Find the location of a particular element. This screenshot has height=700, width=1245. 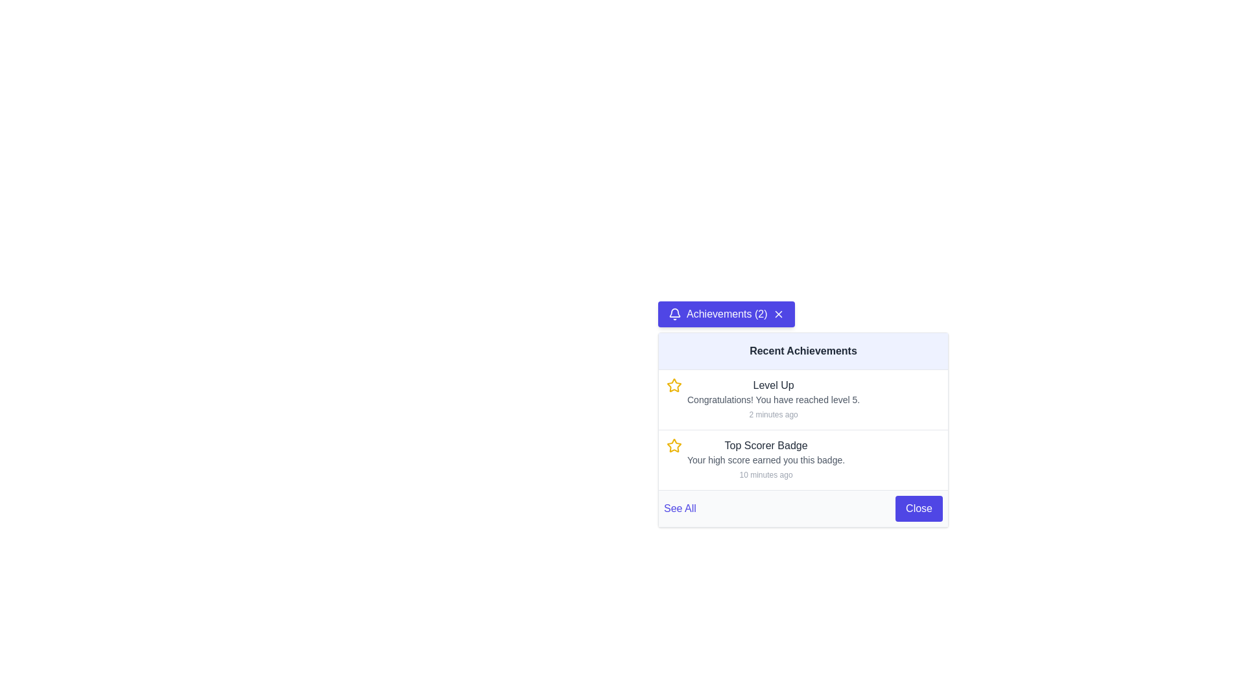

the text indicating the relative time of the associated achievement's occurrence in the 'Recent Achievements' section, which follows the header 'Level Up' and the message 'Congratulations! You have reached level 5' is located at coordinates (774, 415).